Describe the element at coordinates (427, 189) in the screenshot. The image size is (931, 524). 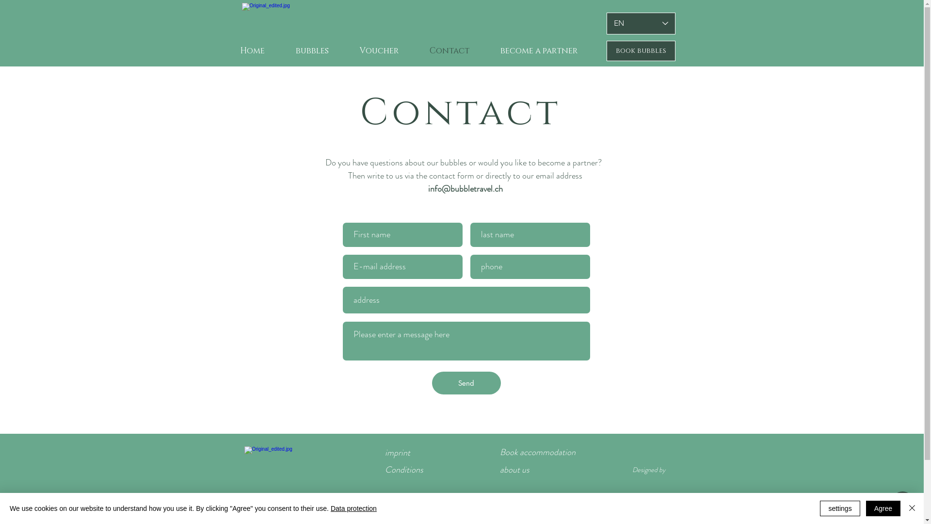
I see `'info@bubbletravel.ch'` at that location.